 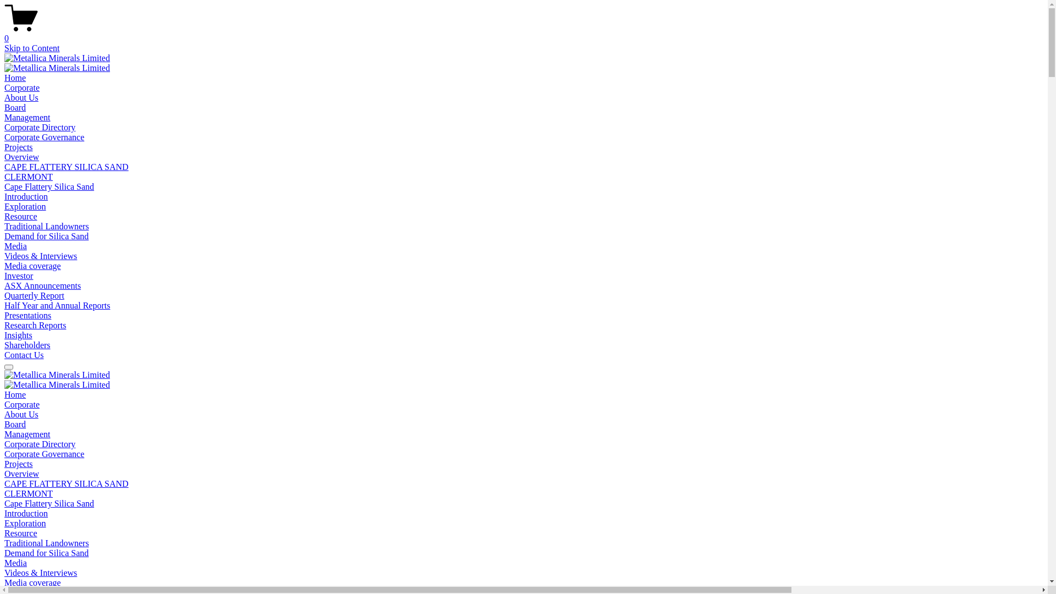 I want to click on 'Resource', so click(x=21, y=216).